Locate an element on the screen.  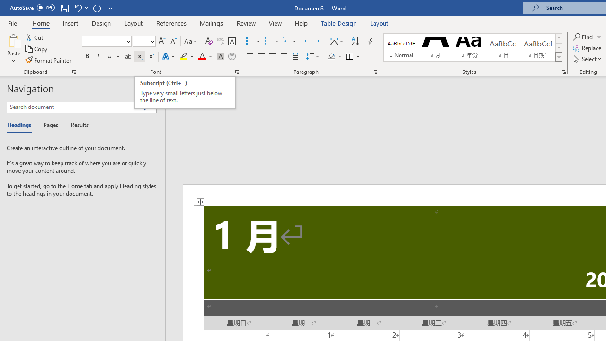
'Decrease Indent' is located at coordinates (308, 41).